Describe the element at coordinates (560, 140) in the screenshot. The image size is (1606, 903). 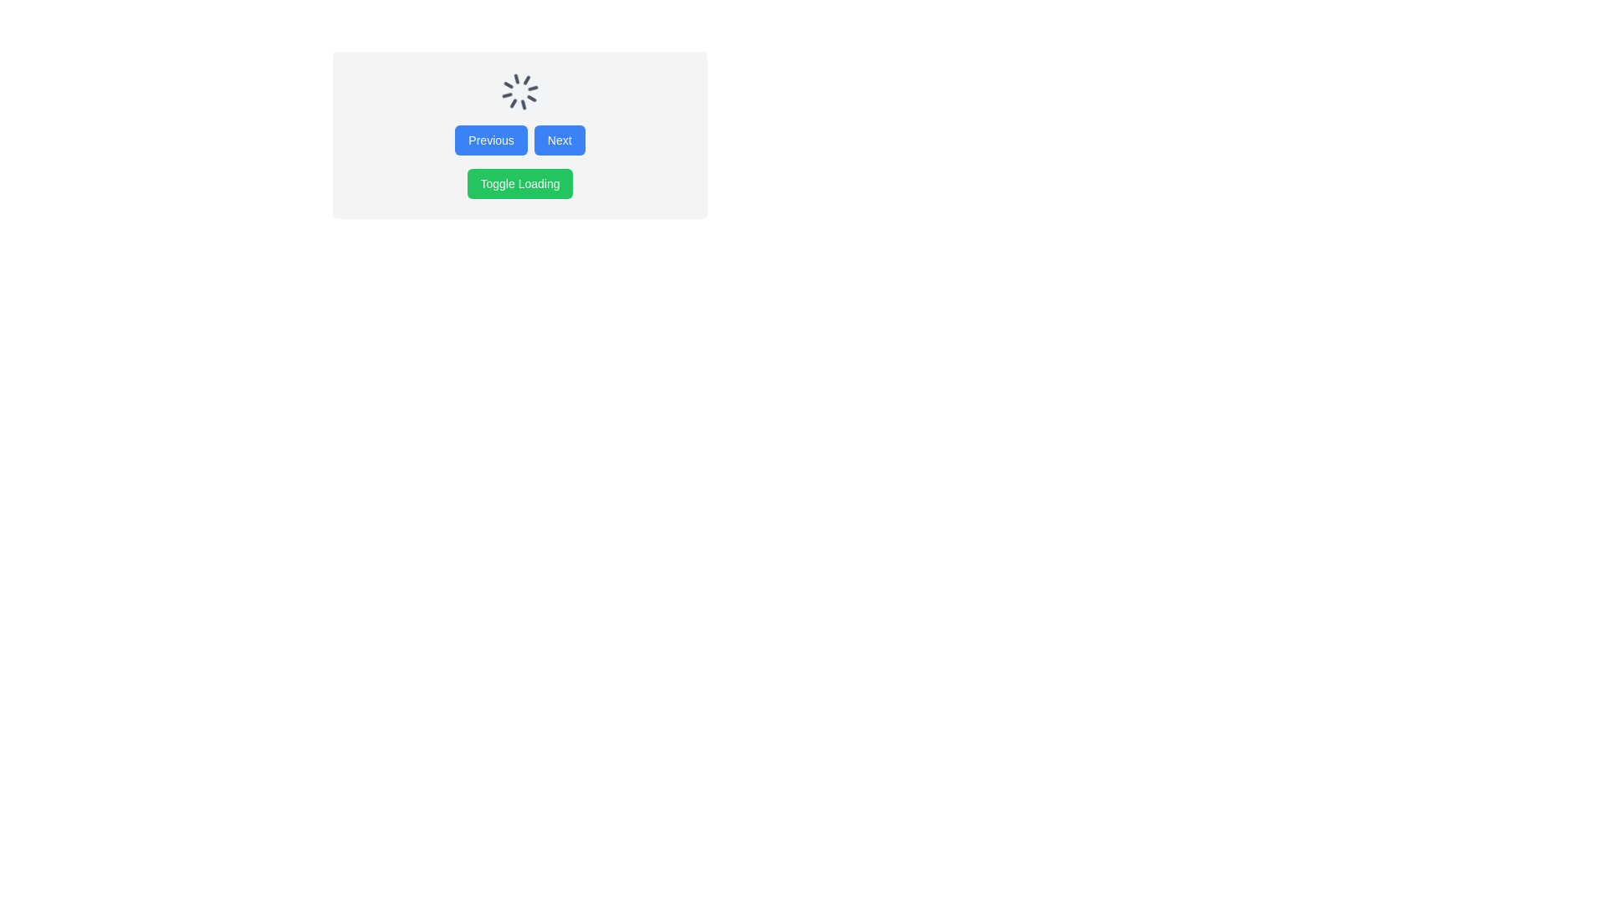
I see `the 'Next' button` at that location.